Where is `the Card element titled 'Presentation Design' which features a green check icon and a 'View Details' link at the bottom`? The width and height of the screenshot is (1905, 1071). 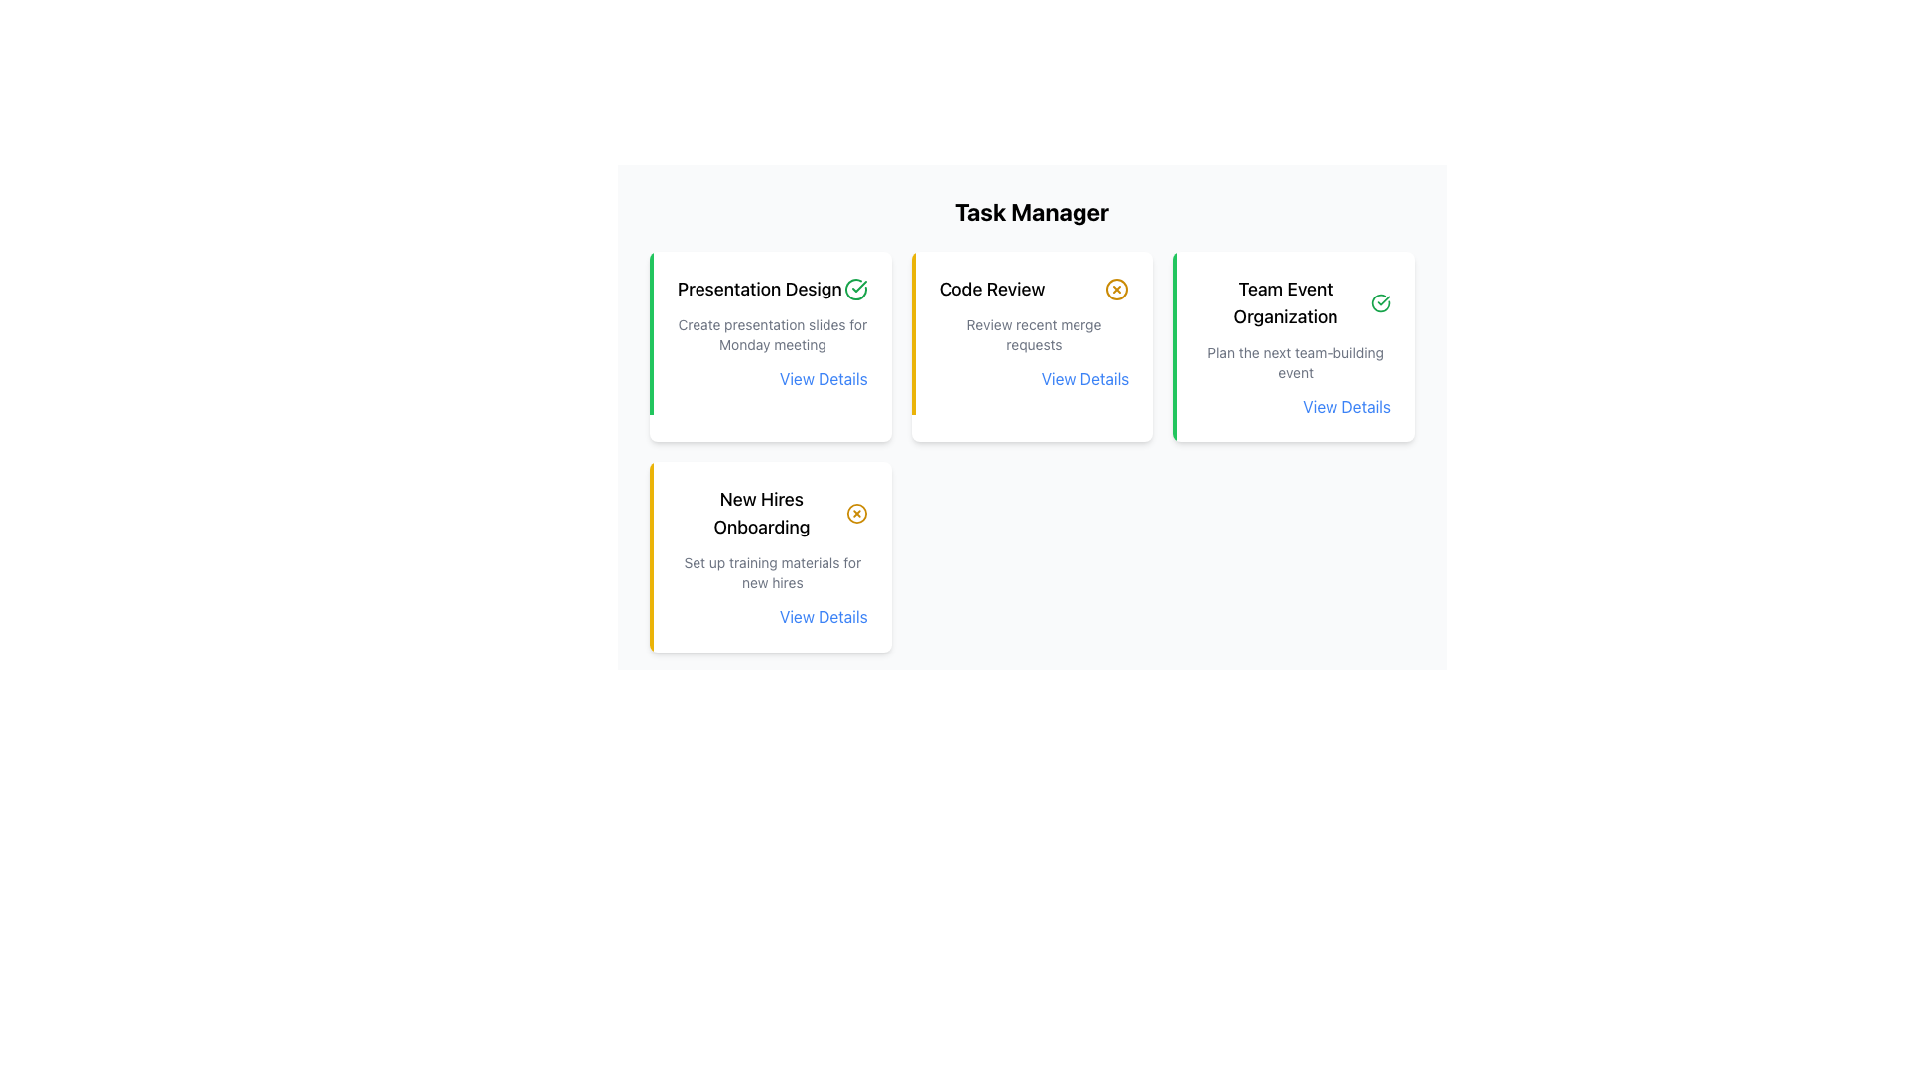 the Card element titled 'Presentation Design' which features a green check icon and a 'View Details' link at the bottom is located at coordinates (769, 346).